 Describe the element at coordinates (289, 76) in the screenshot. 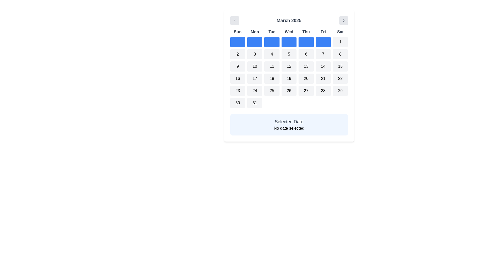

I see `a day within the calendar view` at that location.